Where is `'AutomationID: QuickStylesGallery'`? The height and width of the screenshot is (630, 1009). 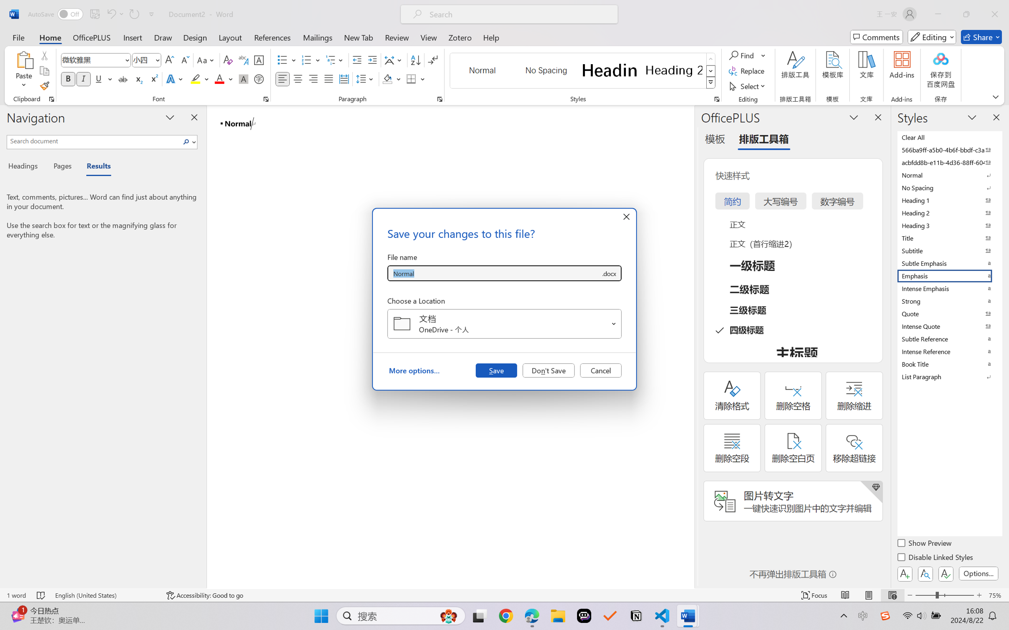 'AutomationID: QuickStylesGallery' is located at coordinates (582, 71).